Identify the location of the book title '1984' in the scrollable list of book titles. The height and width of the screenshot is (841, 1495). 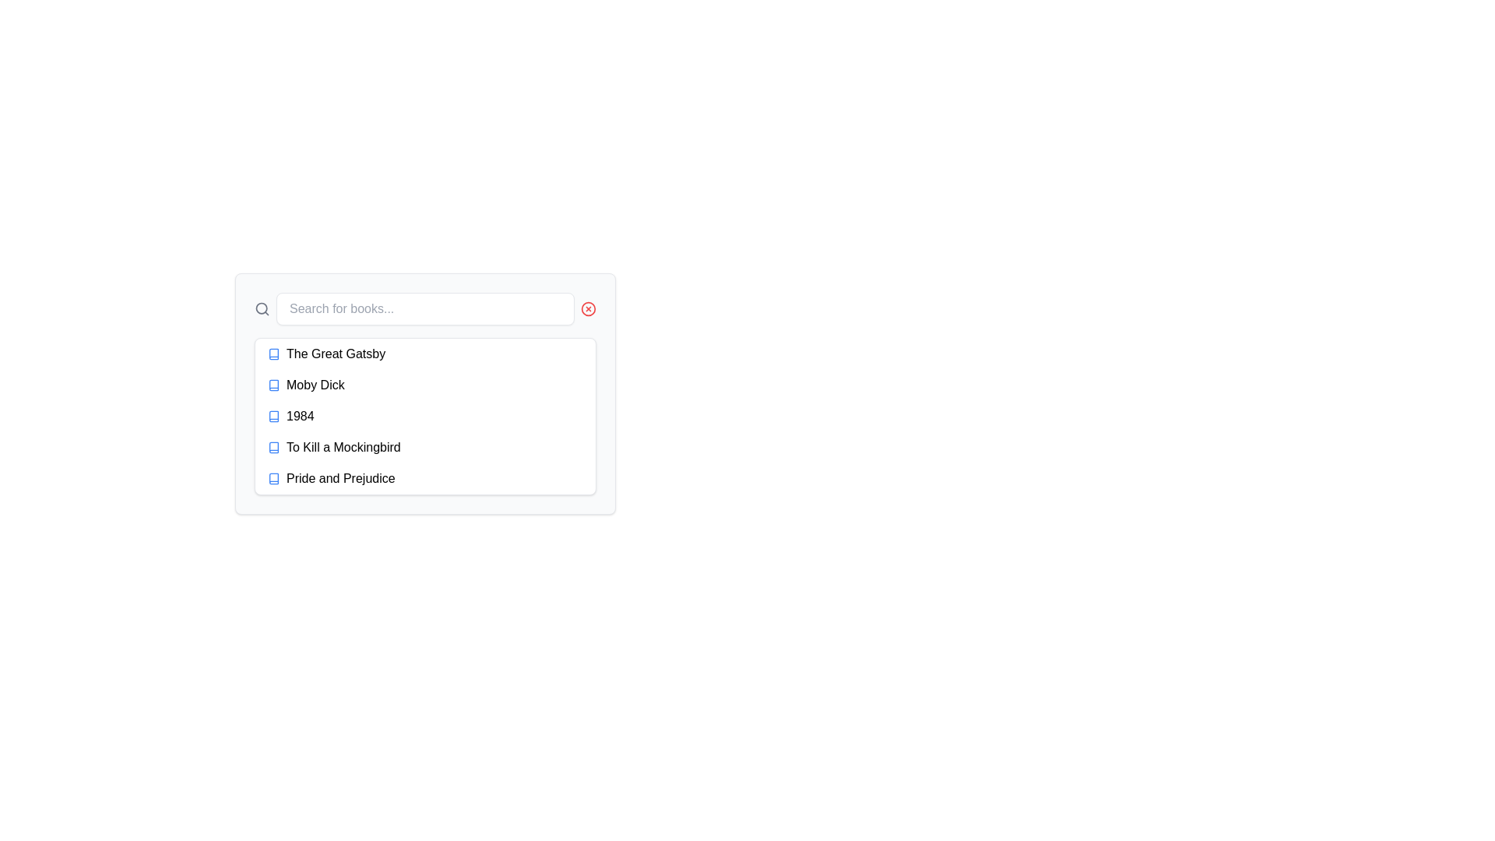
(425, 422).